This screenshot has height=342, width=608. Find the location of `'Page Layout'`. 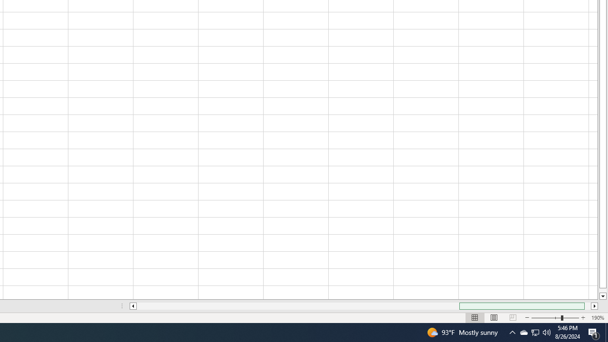

'Page Layout' is located at coordinates (494, 318).